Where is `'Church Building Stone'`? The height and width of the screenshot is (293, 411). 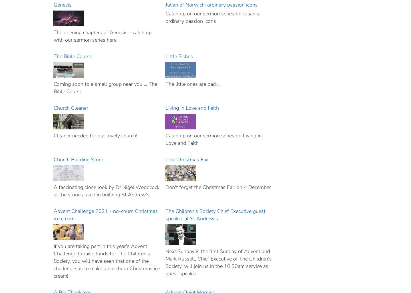
'Church Building Stone' is located at coordinates (79, 159).